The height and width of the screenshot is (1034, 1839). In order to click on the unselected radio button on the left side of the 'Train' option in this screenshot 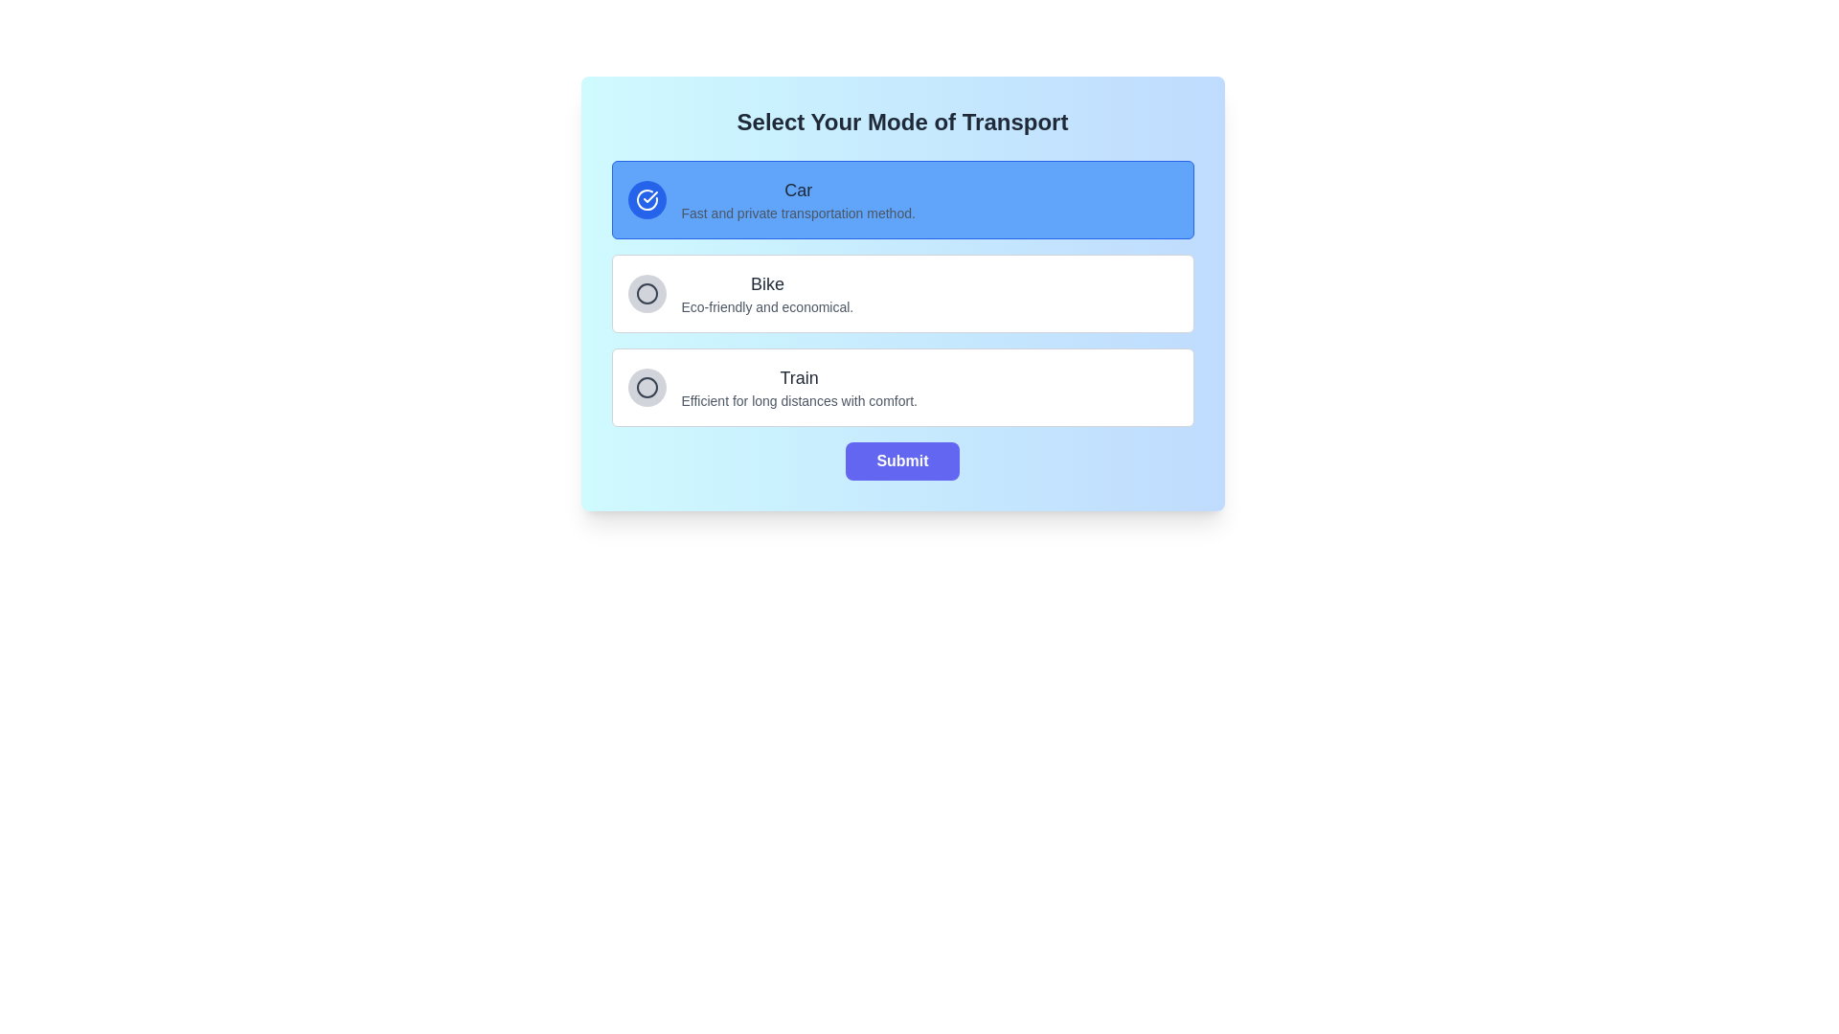, I will do `click(647, 388)`.